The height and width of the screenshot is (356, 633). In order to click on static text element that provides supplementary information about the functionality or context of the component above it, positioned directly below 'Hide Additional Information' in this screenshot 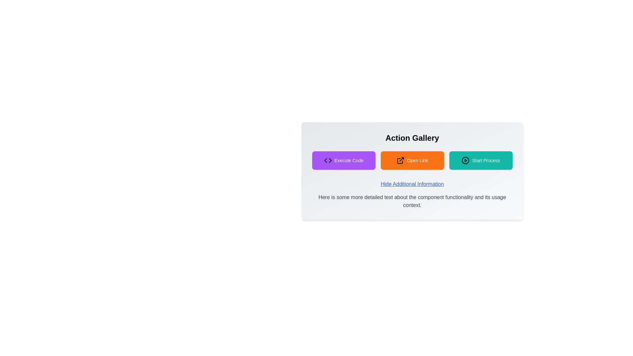, I will do `click(412, 201)`.